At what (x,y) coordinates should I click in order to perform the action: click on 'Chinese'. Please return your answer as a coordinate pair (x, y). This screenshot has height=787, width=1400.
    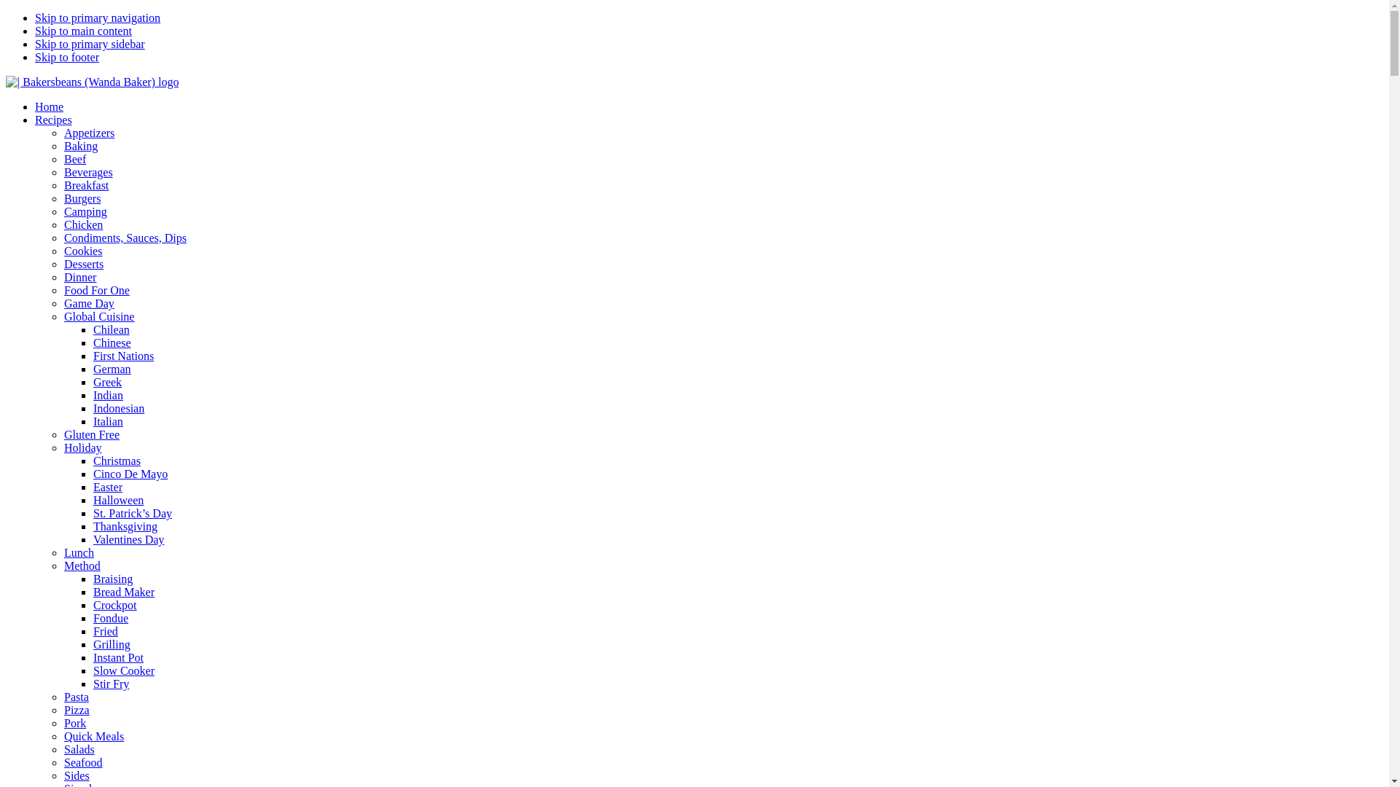
    Looking at the image, I should click on (111, 342).